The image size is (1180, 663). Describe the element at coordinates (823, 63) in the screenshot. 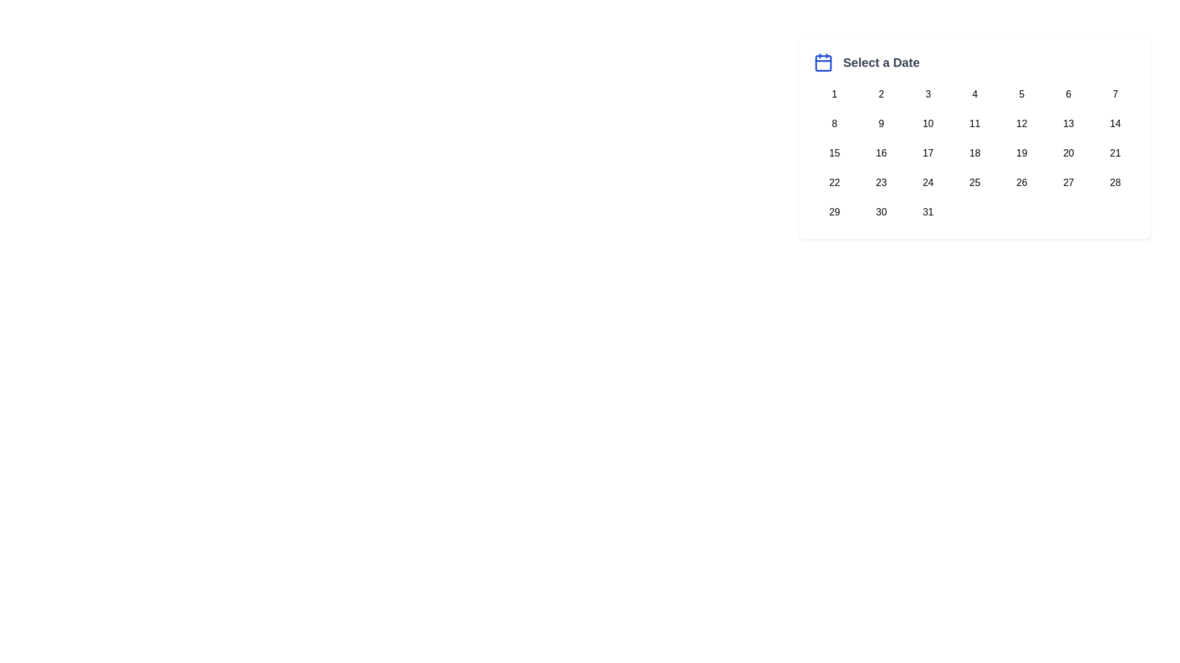

I see `the decorative styled rectangle within the calendar icon located to the left of the 'Select a Date' label in the date picker interface` at that location.